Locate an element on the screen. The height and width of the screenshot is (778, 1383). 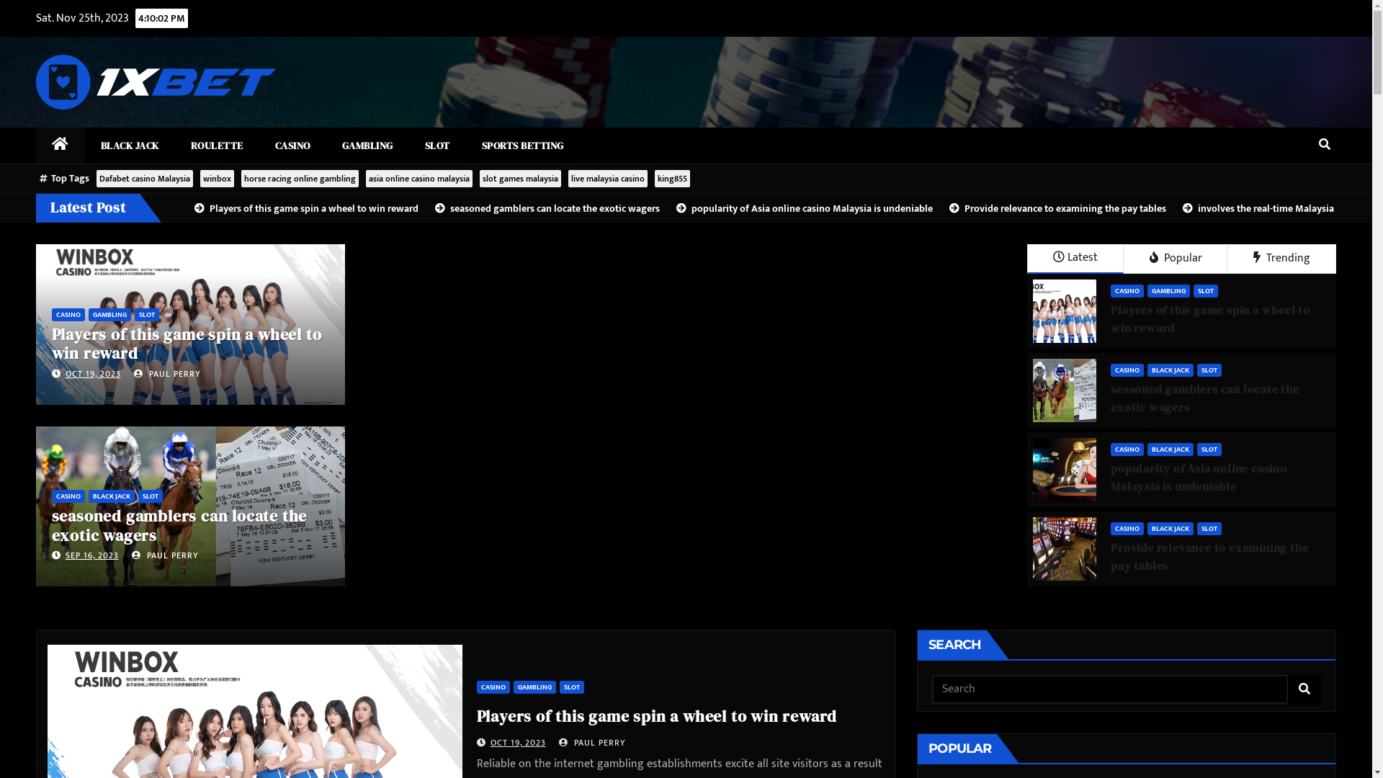
'king855' is located at coordinates (671, 177).